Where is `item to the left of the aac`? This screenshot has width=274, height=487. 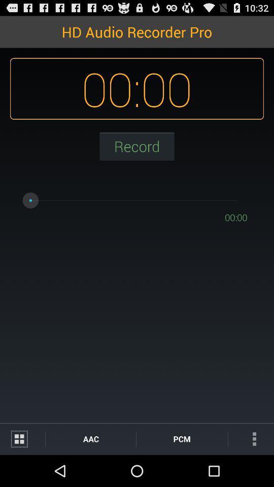
item to the left of the aac is located at coordinates (22, 438).